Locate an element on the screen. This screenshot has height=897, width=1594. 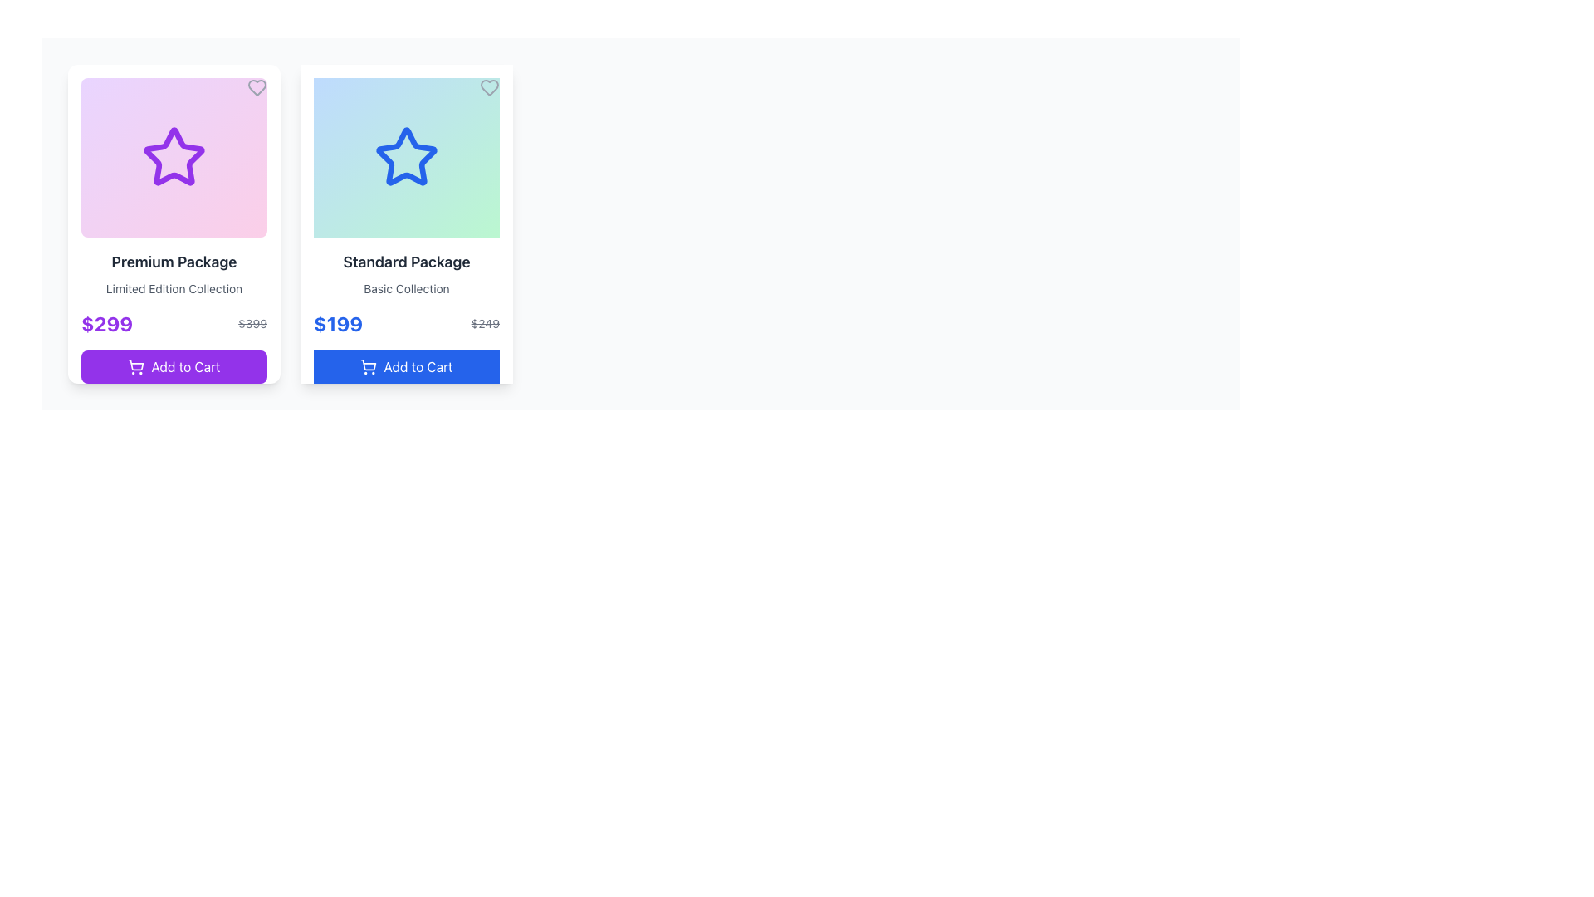
the decorative image section located in the upper section of the 'Premium Package' card, which serves as a visual emphasis above the textual description and price details is located at coordinates (174, 157).